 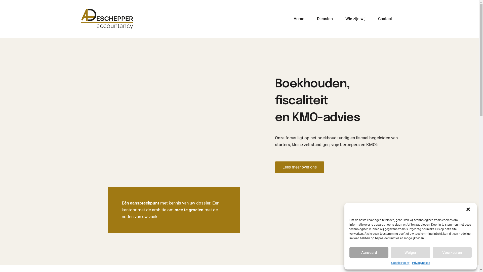 What do you see at coordinates (421, 263) in the screenshot?
I see `'Privacybeleid'` at bounding box center [421, 263].